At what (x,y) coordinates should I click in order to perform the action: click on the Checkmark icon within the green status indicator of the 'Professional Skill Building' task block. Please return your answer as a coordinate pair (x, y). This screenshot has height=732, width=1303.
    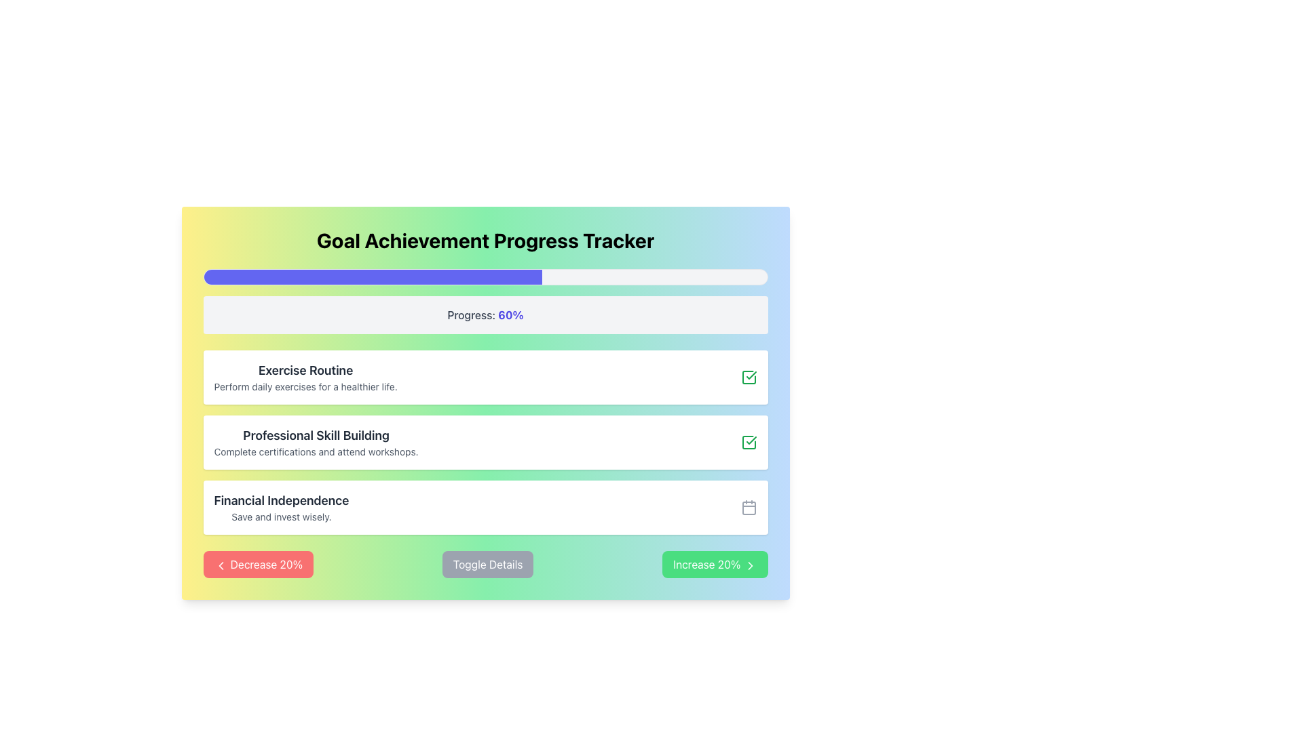
    Looking at the image, I should click on (751, 375).